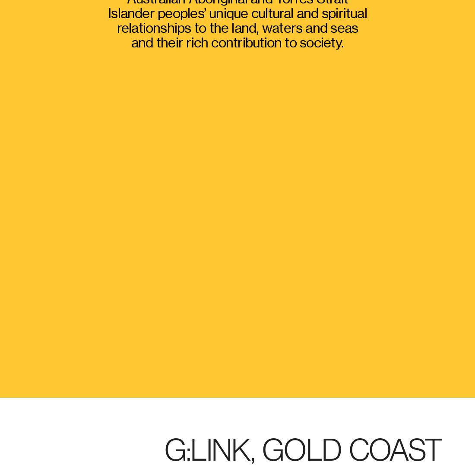 The height and width of the screenshot is (465, 475). What do you see at coordinates (437, 379) in the screenshot?
I see `'Accept'` at bounding box center [437, 379].